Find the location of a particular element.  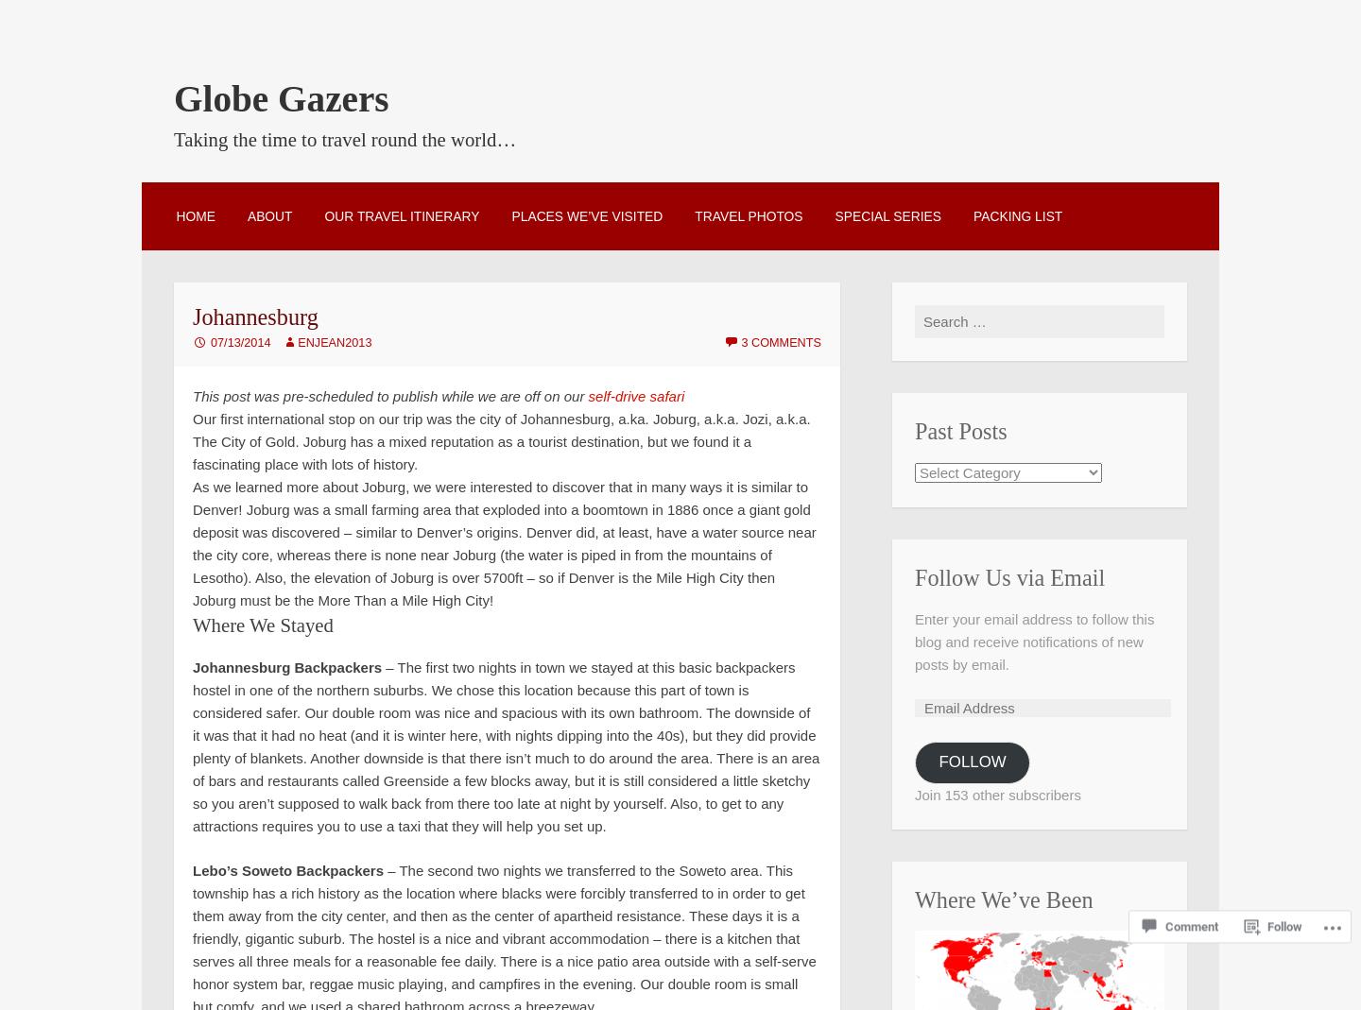

'Our Travel Itinerary' is located at coordinates (401, 214).